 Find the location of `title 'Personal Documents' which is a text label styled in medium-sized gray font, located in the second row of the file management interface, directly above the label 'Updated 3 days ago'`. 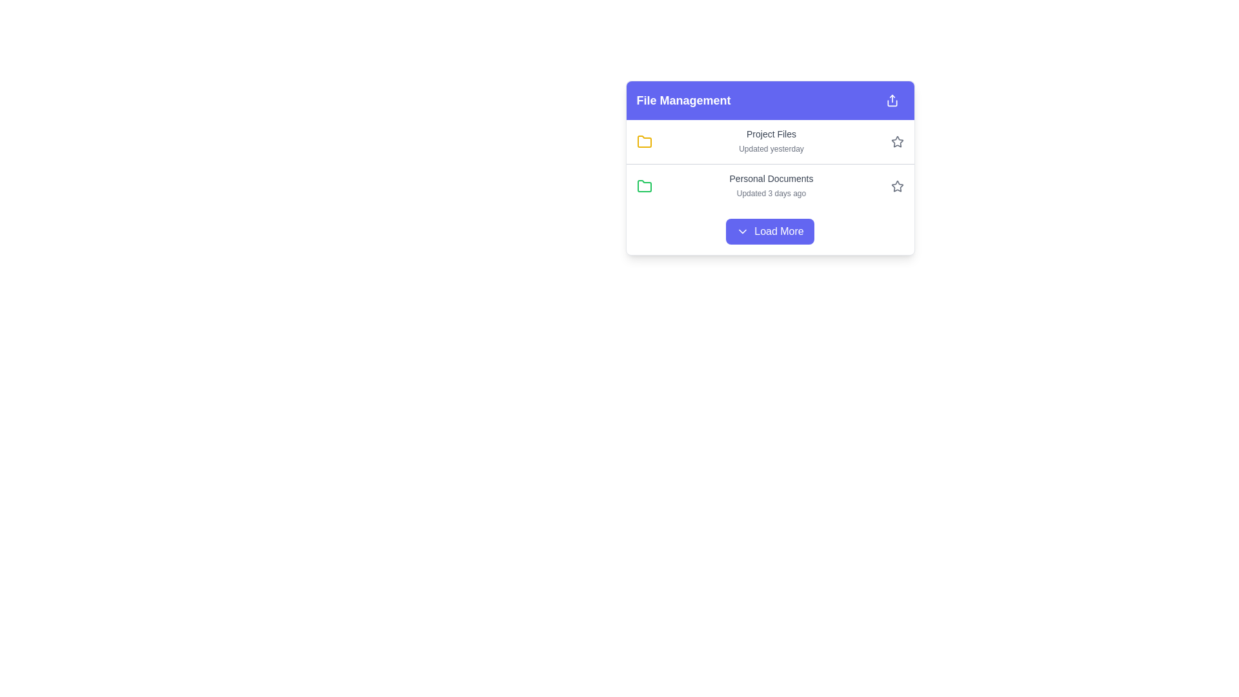

title 'Personal Documents' which is a text label styled in medium-sized gray font, located in the second row of the file management interface, directly above the label 'Updated 3 days ago' is located at coordinates (771, 179).